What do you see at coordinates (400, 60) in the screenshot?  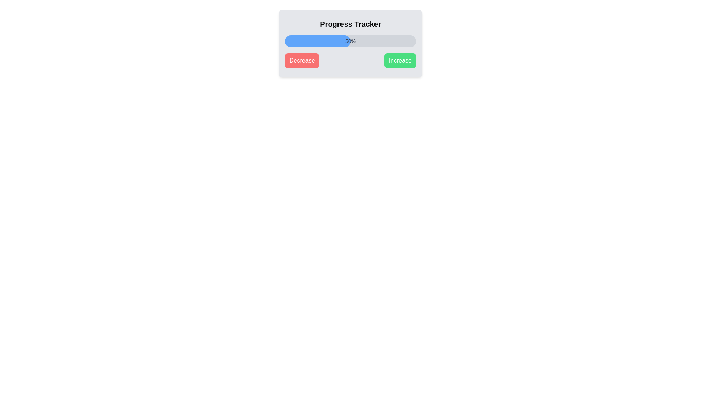 I see `the 'Increase' button, which is the second button in a horizontal arrangement next to the 'Decrease' button` at bounding box center [400, 60].